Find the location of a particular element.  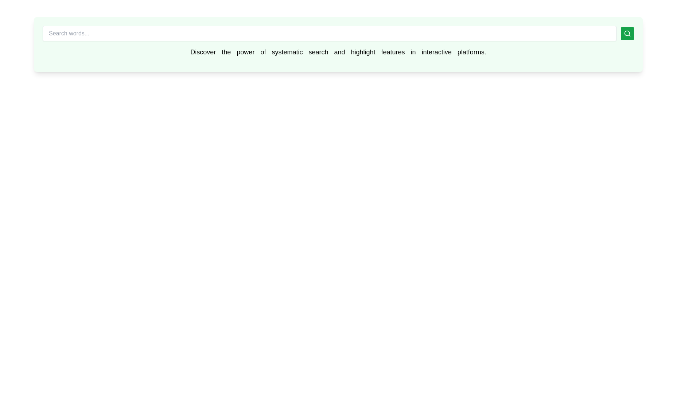

the text item 'search', which is the sixth word in a horizontally aligned sentence, between 'systematic' and 'and' is located at coordinates (318, 51).